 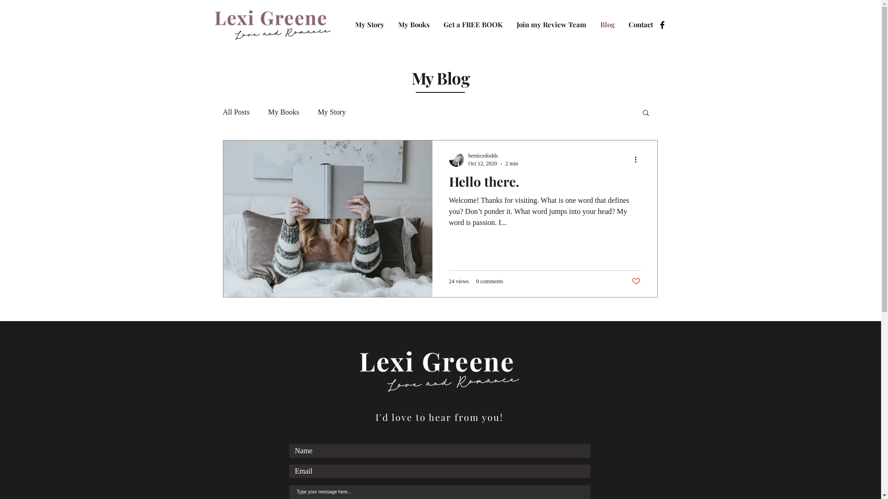 I want to click on '0 comments', so click(x=489, y=281).